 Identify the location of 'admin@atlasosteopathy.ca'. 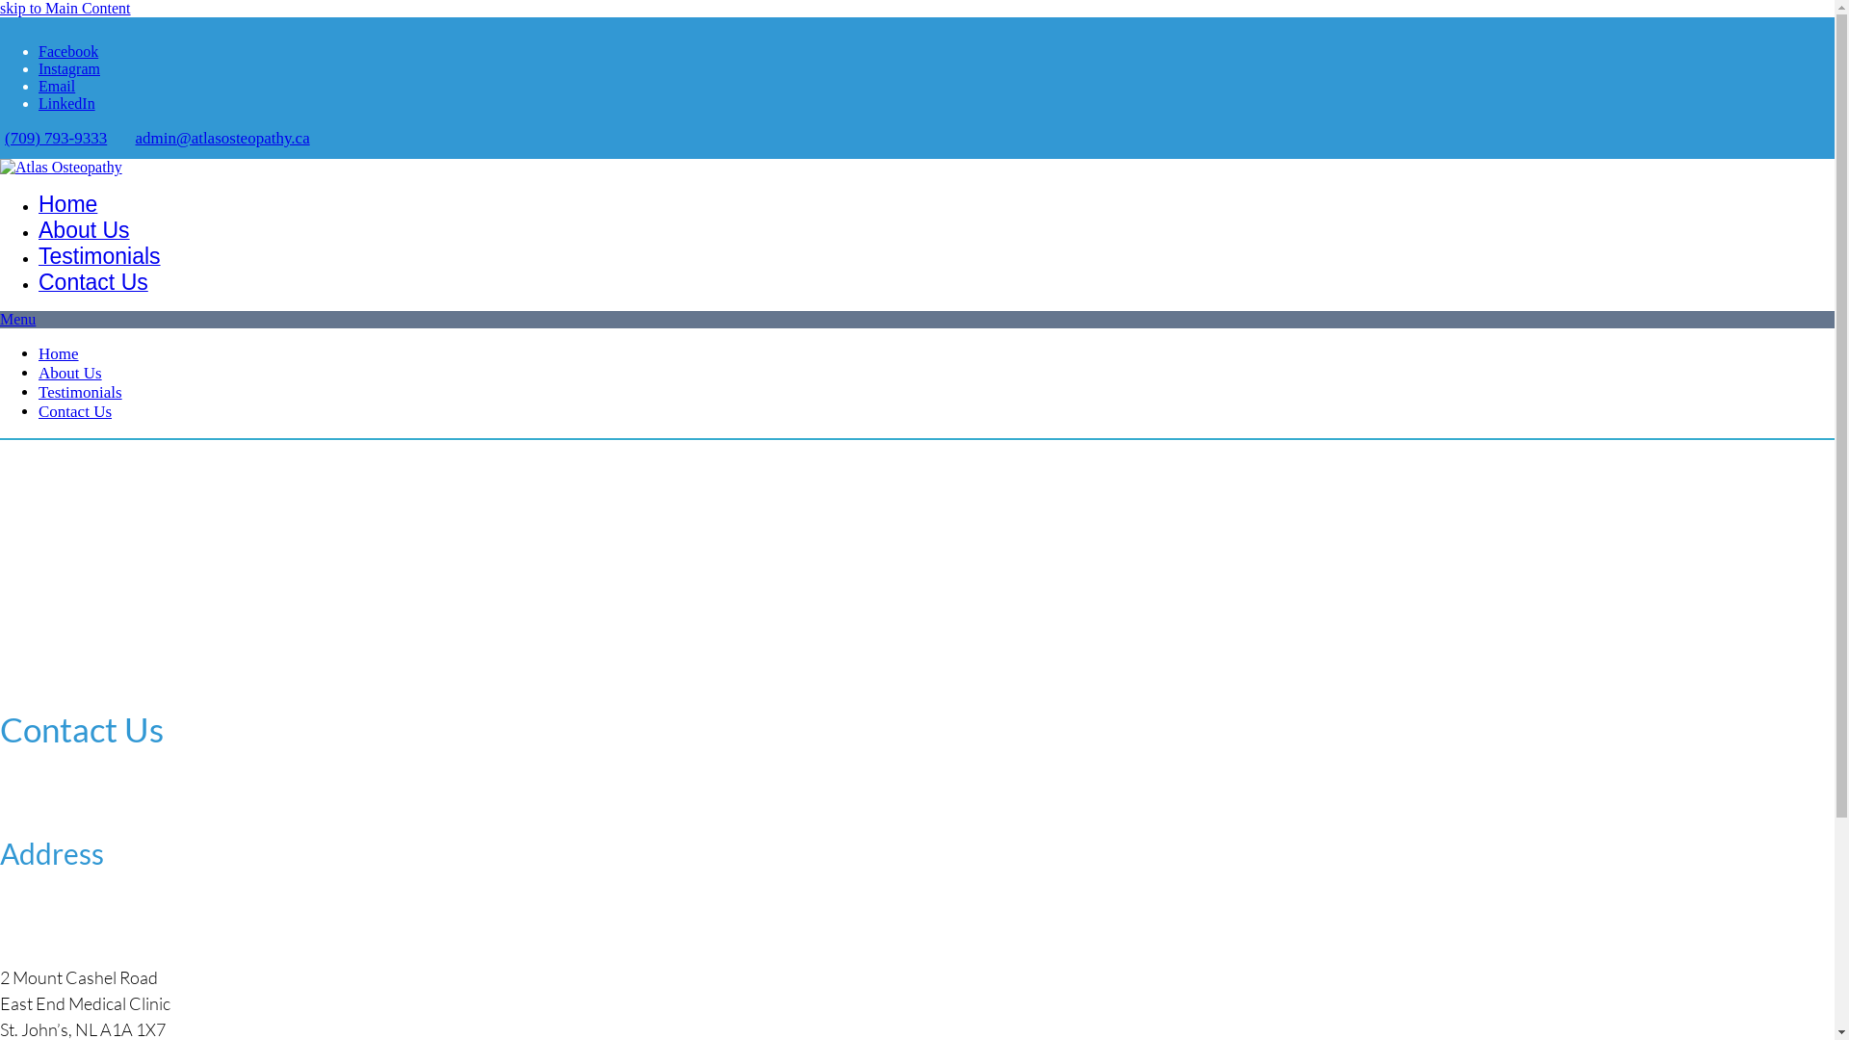
(221, 137).